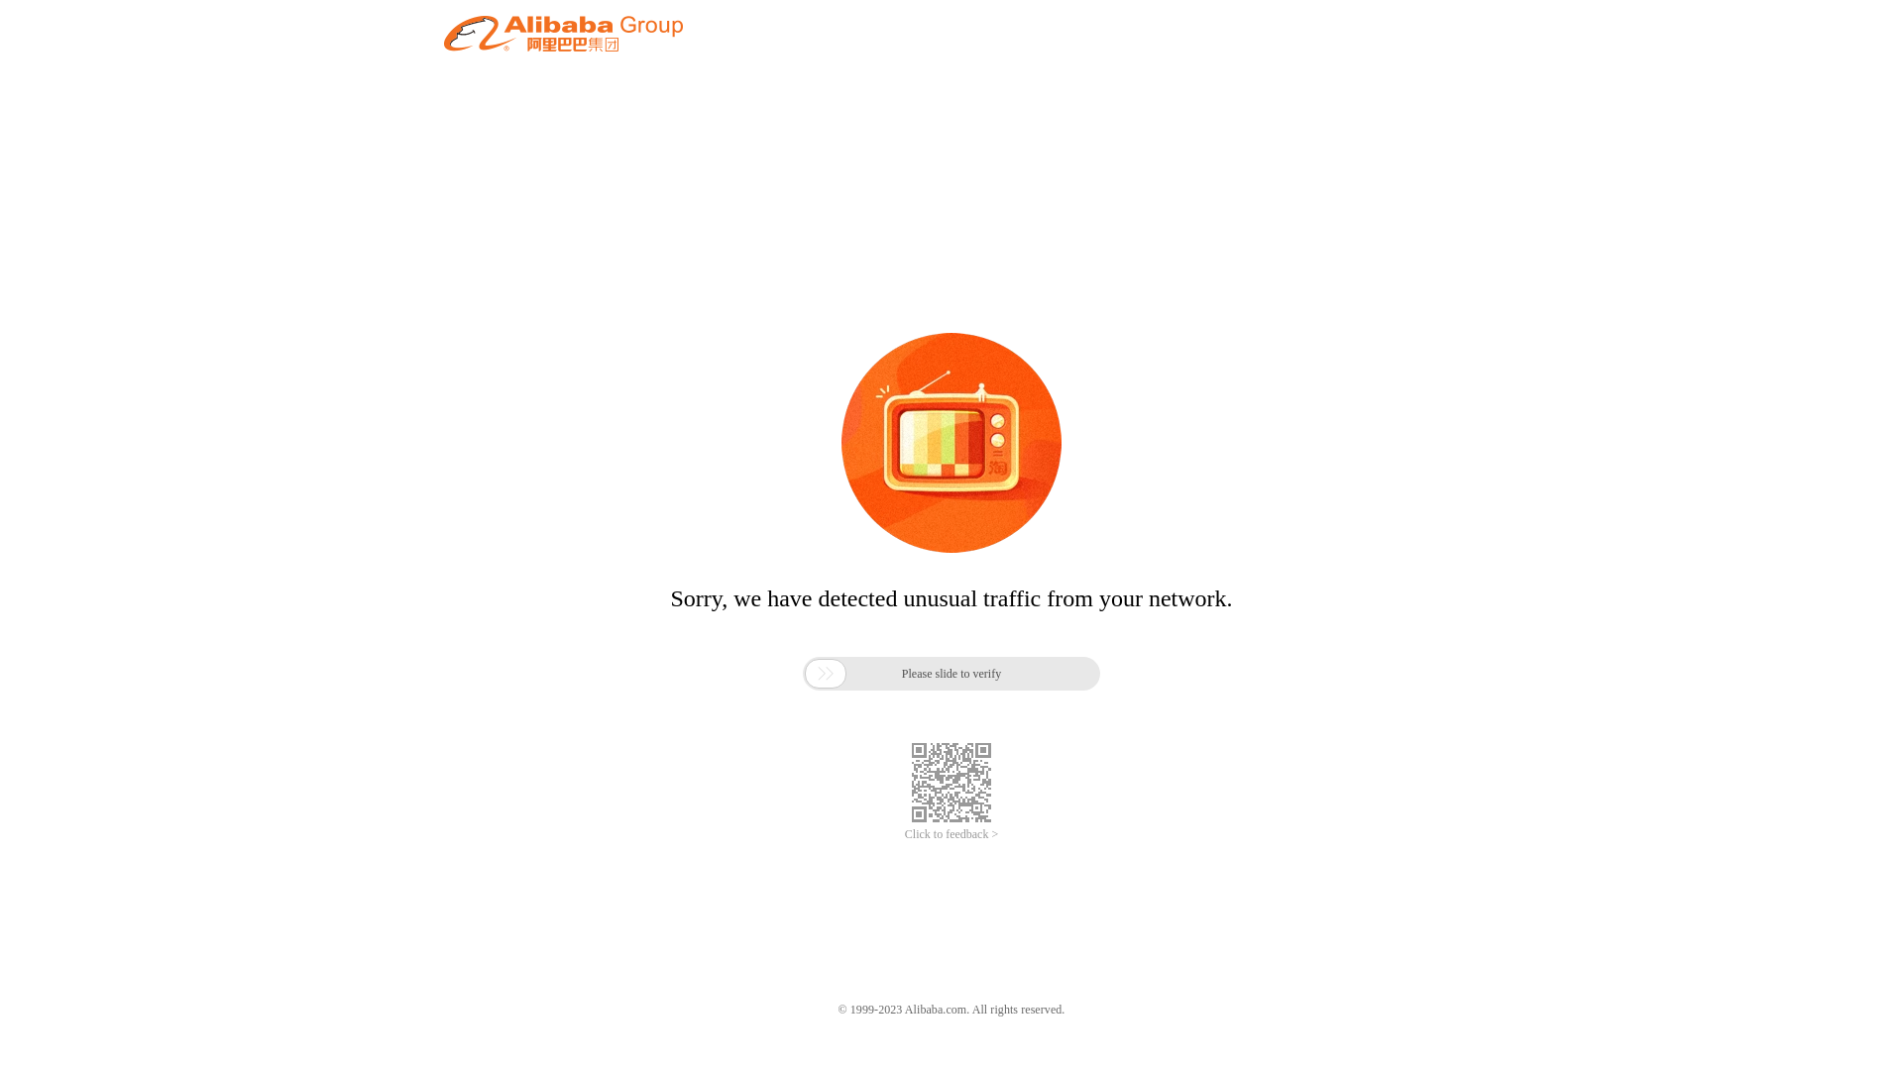 The height and width of the screenshot is (1070, 1903). Describe the element at coordinates (951, 834) in the screenshot. I see `'Click to feedback >'` at that location.